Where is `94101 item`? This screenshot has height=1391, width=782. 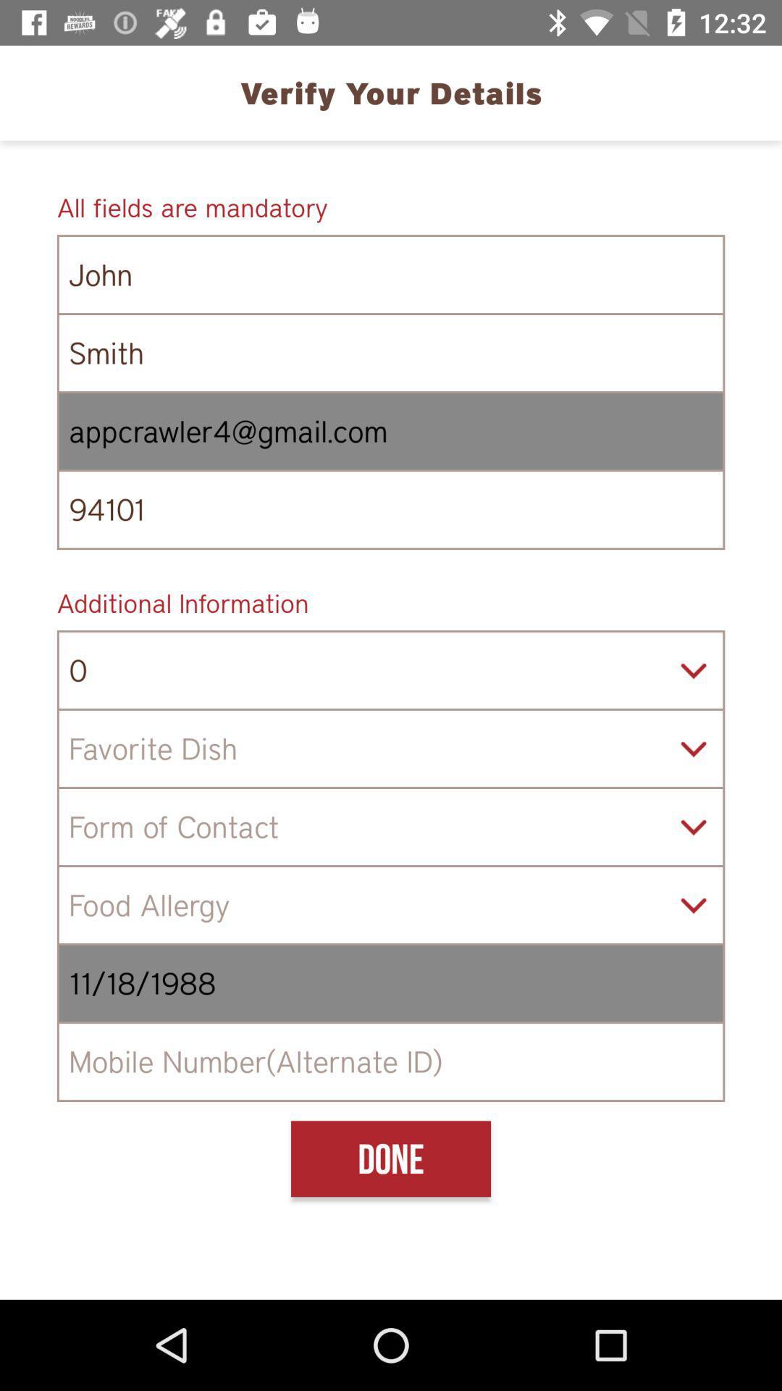 94101 item is located at coordinates (391, 509).